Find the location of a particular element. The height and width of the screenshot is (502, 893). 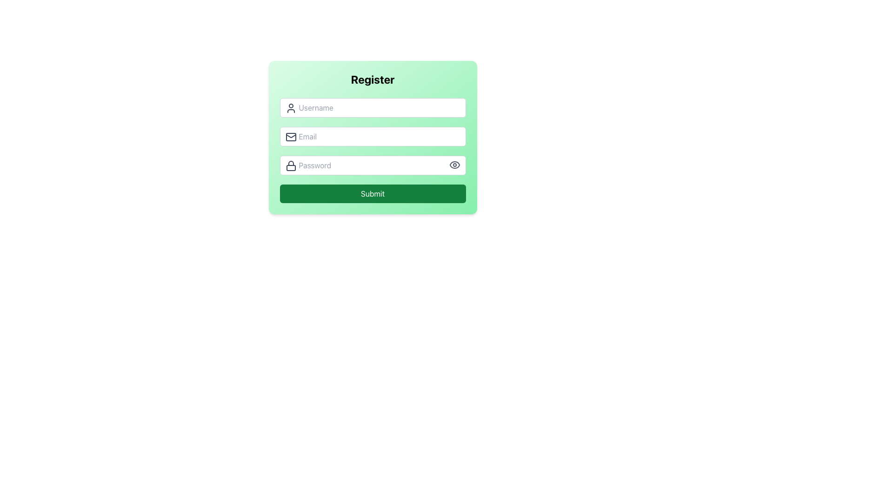

the rectangular shape of the envelope icon, which is positioned to the left of the 'Email' input field in the registration form is located at coordinates (290, 137).